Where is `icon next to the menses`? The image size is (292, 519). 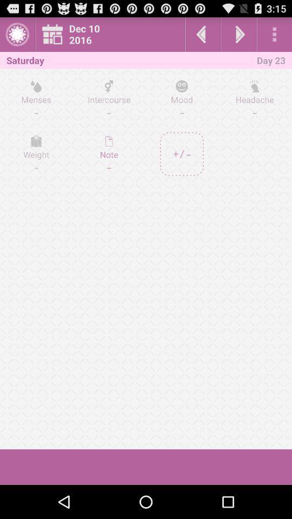
icon next to the menses is located at coordinates (109, 154).